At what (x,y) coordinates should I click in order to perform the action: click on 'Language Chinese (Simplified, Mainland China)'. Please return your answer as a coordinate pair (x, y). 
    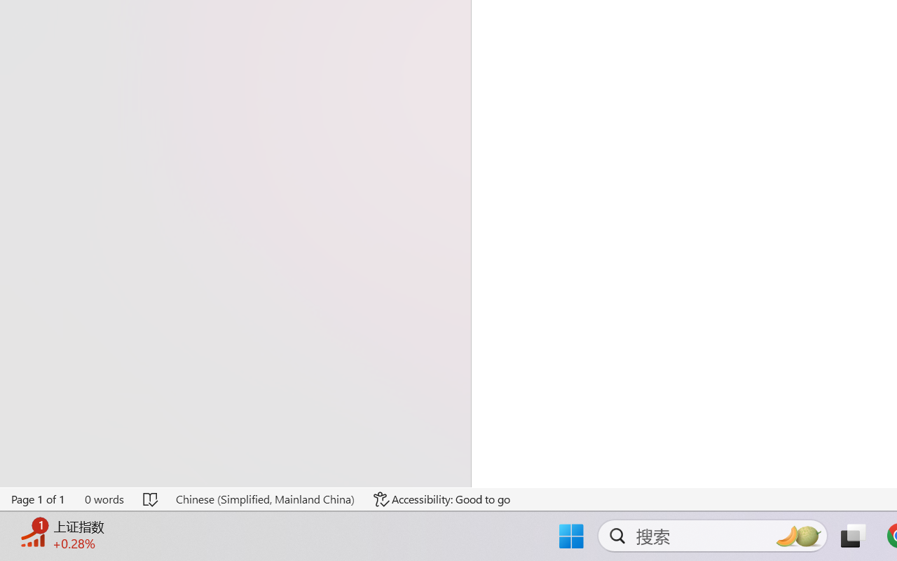
    Looking at the image, I should click on (265, 499).